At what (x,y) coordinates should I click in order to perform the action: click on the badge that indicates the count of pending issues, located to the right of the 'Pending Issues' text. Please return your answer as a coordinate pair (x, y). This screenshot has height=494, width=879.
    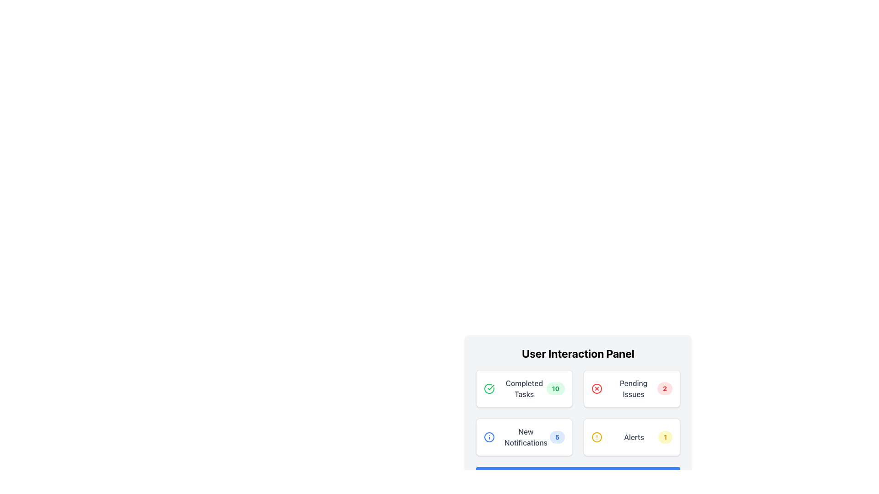
    Looking at the image, I should click on (665, 388).